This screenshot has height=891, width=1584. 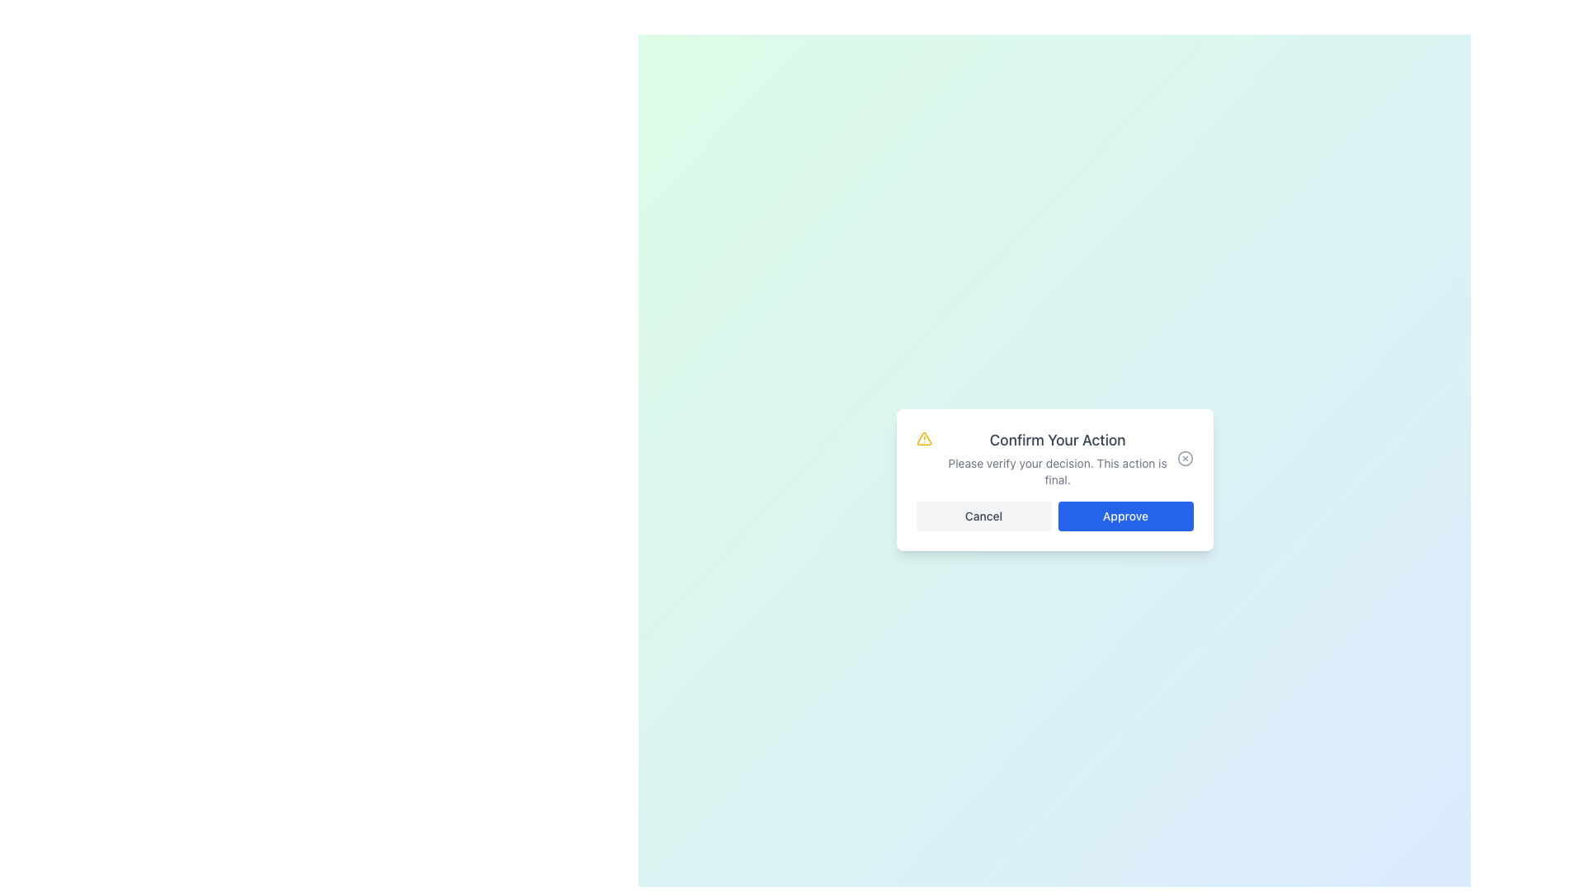 What do you see at coordinates (983, 515) in the screenshot?
I see `the 'Cancel' button which is a rectangular button with a gray background and rounded corners, located in the bottom row of a dialog box` at bounding box center [983, 515].